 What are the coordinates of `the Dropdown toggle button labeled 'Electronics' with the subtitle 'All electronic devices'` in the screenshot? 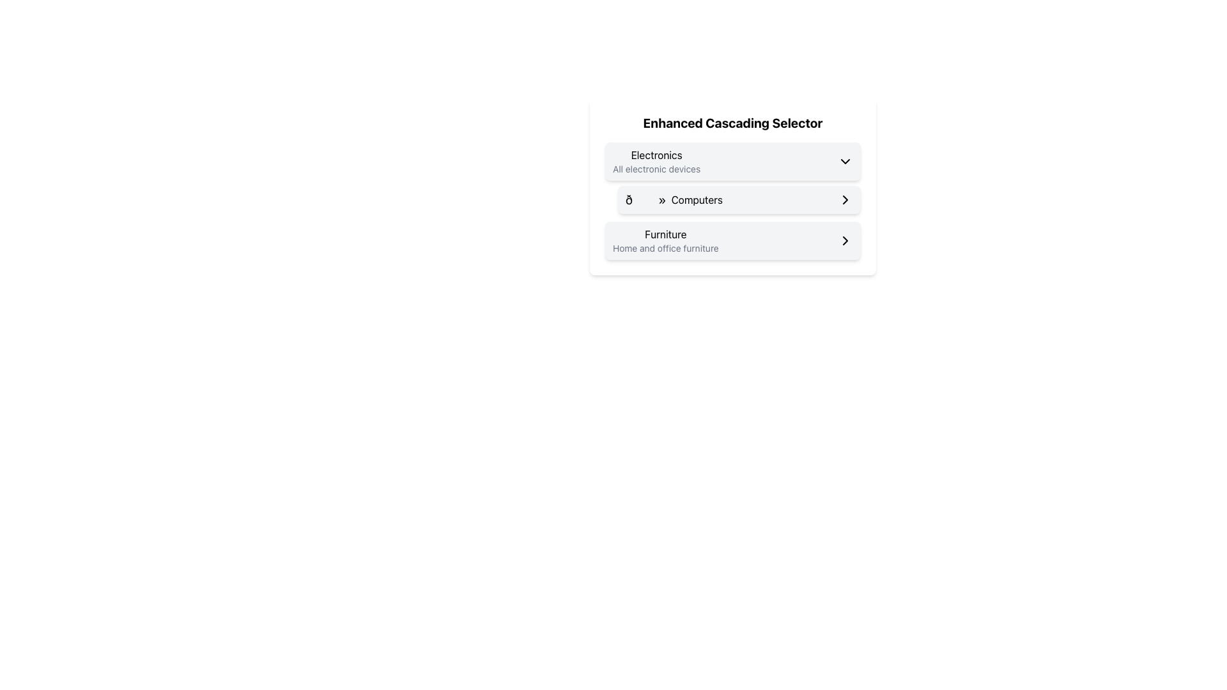 It's located at (733, 161).